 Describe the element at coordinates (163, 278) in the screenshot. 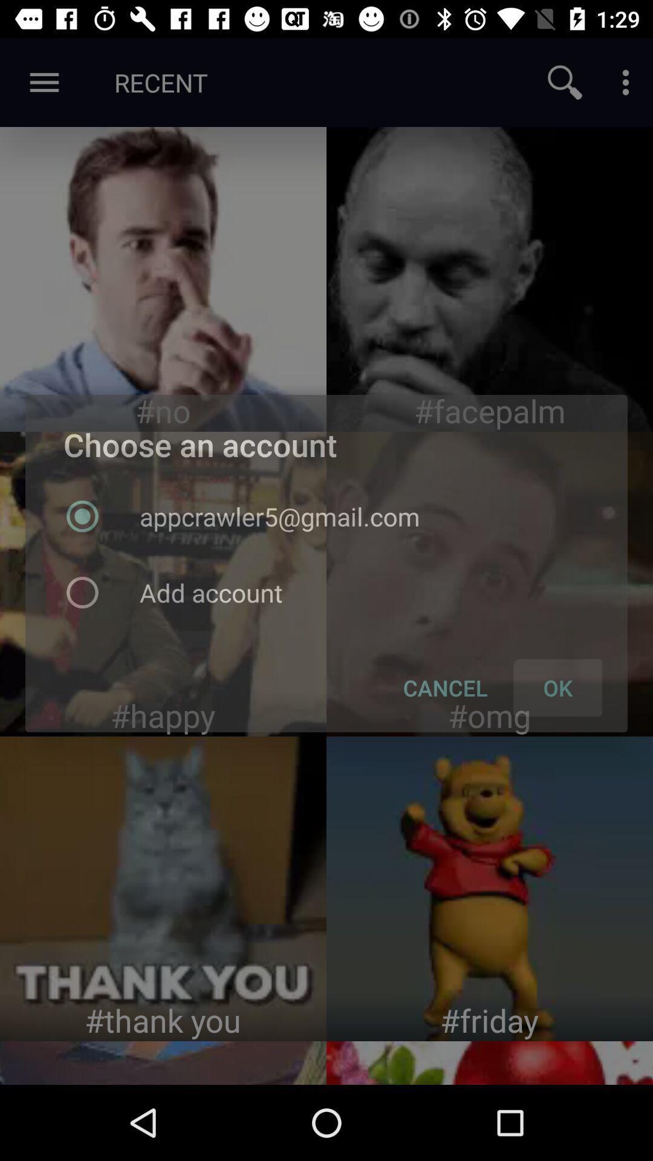

I see `no` at that location.